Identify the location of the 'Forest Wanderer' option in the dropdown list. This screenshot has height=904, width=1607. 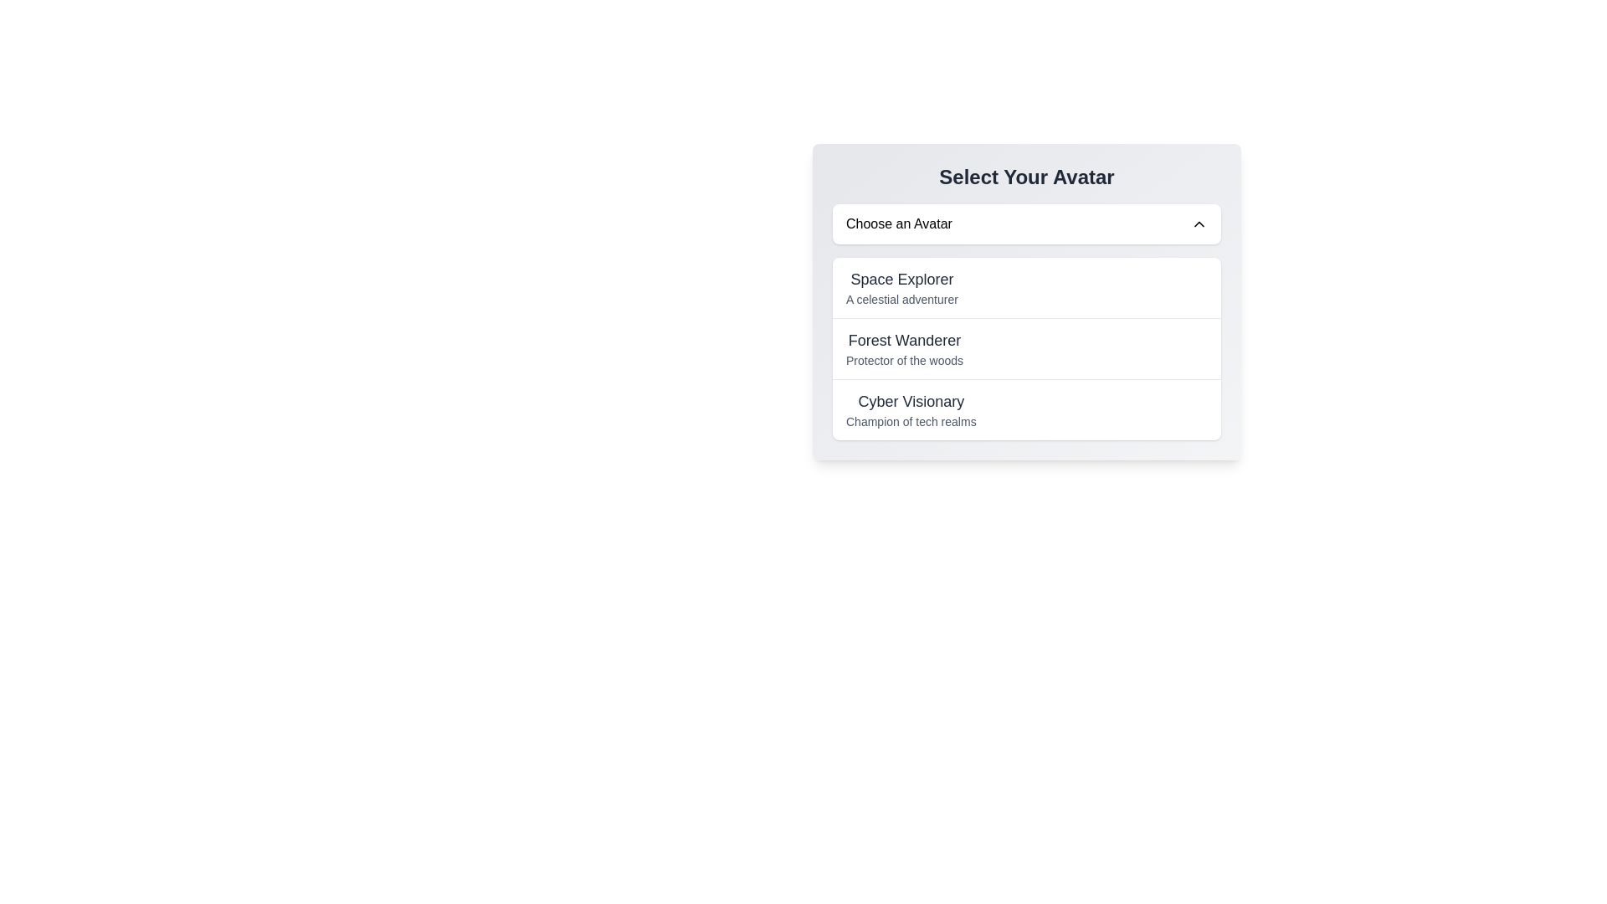
(1026, 347).